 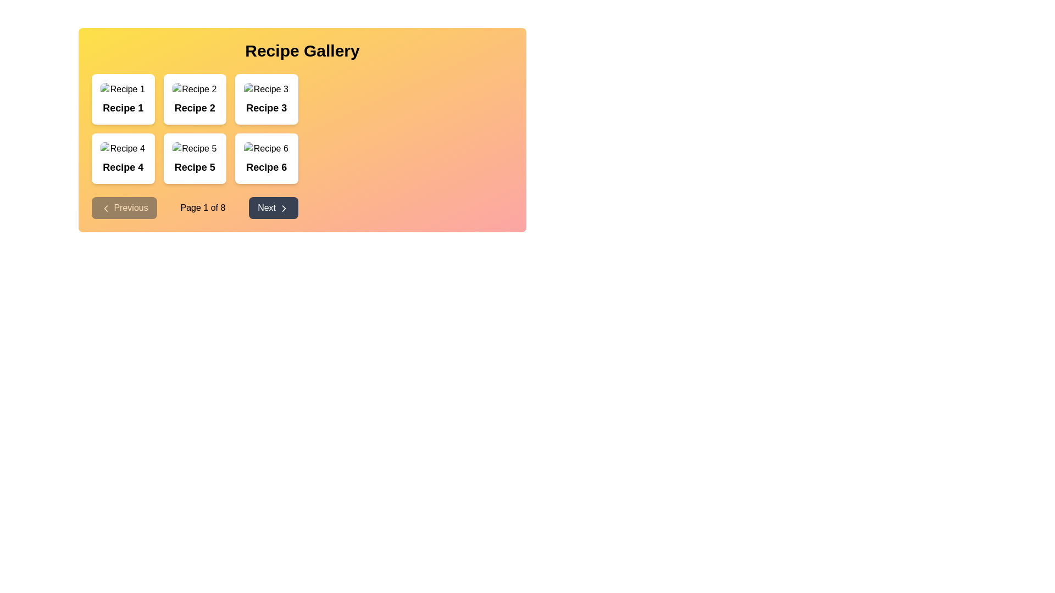 I want to click on the static text label displaying 'Page 1 of 8' located in the pagination control at the bottom of the recipe gallery, so click(x=203, y=208).